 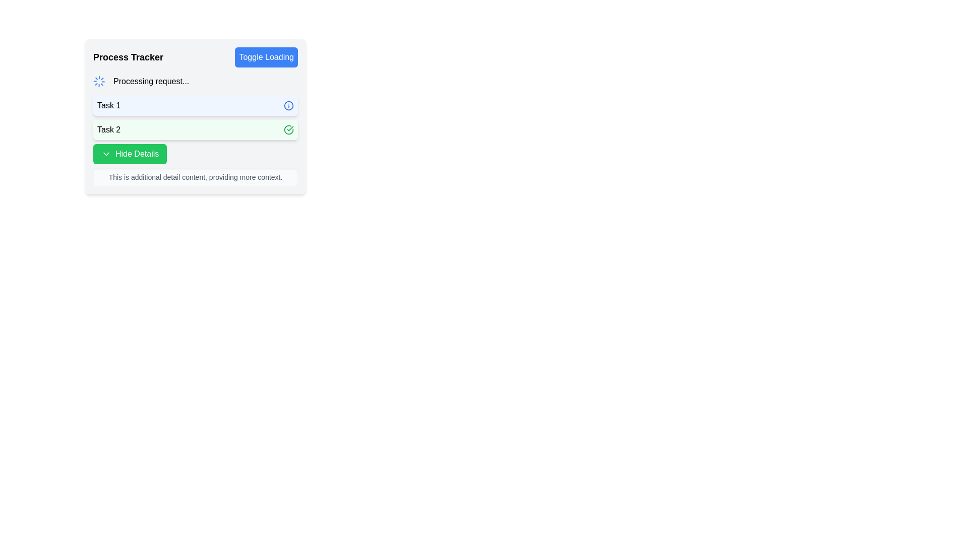 I want to click on the circular blue 'info' icon located on the right edge of the 'Task 1' task block, so click(x=288, y=105).